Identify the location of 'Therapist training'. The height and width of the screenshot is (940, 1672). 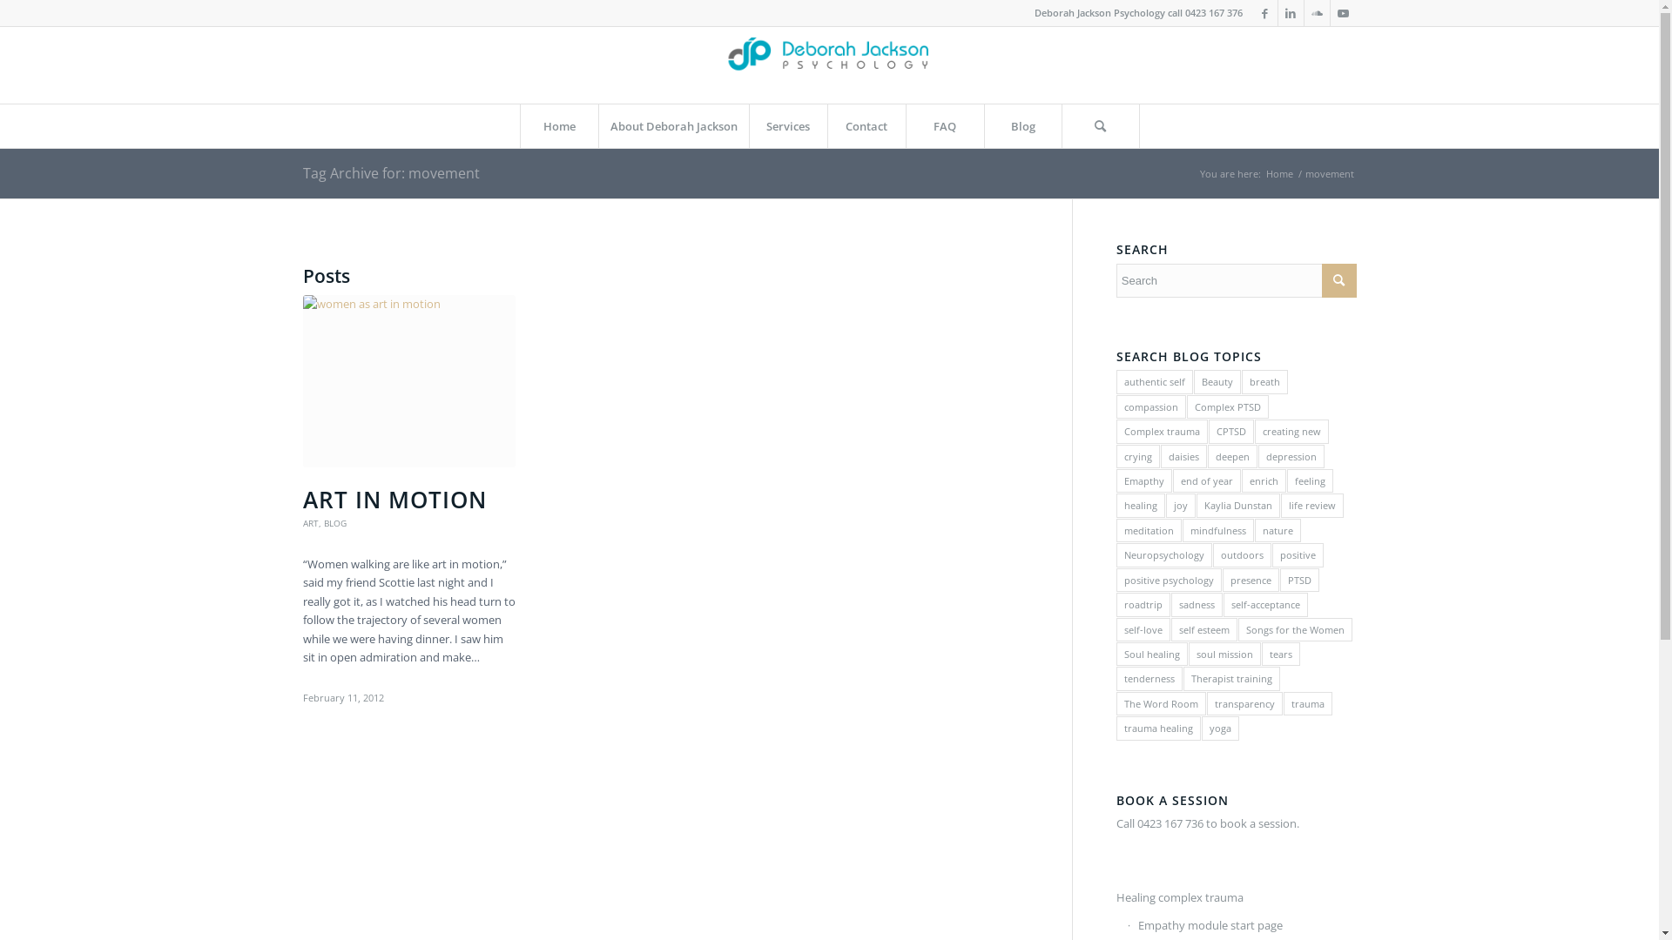
(1230, 677).